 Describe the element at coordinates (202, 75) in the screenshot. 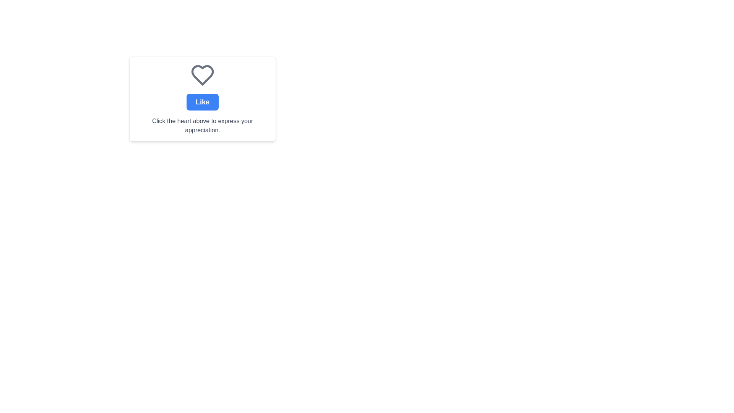

I see `the heart-shaped outline icon, which represents a 'Like' interaction` at that location.